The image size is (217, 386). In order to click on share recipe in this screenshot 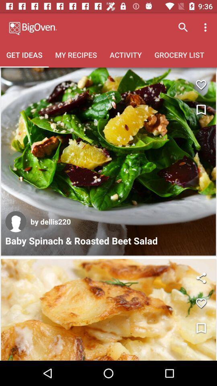, I will do `click(201, 278)`.